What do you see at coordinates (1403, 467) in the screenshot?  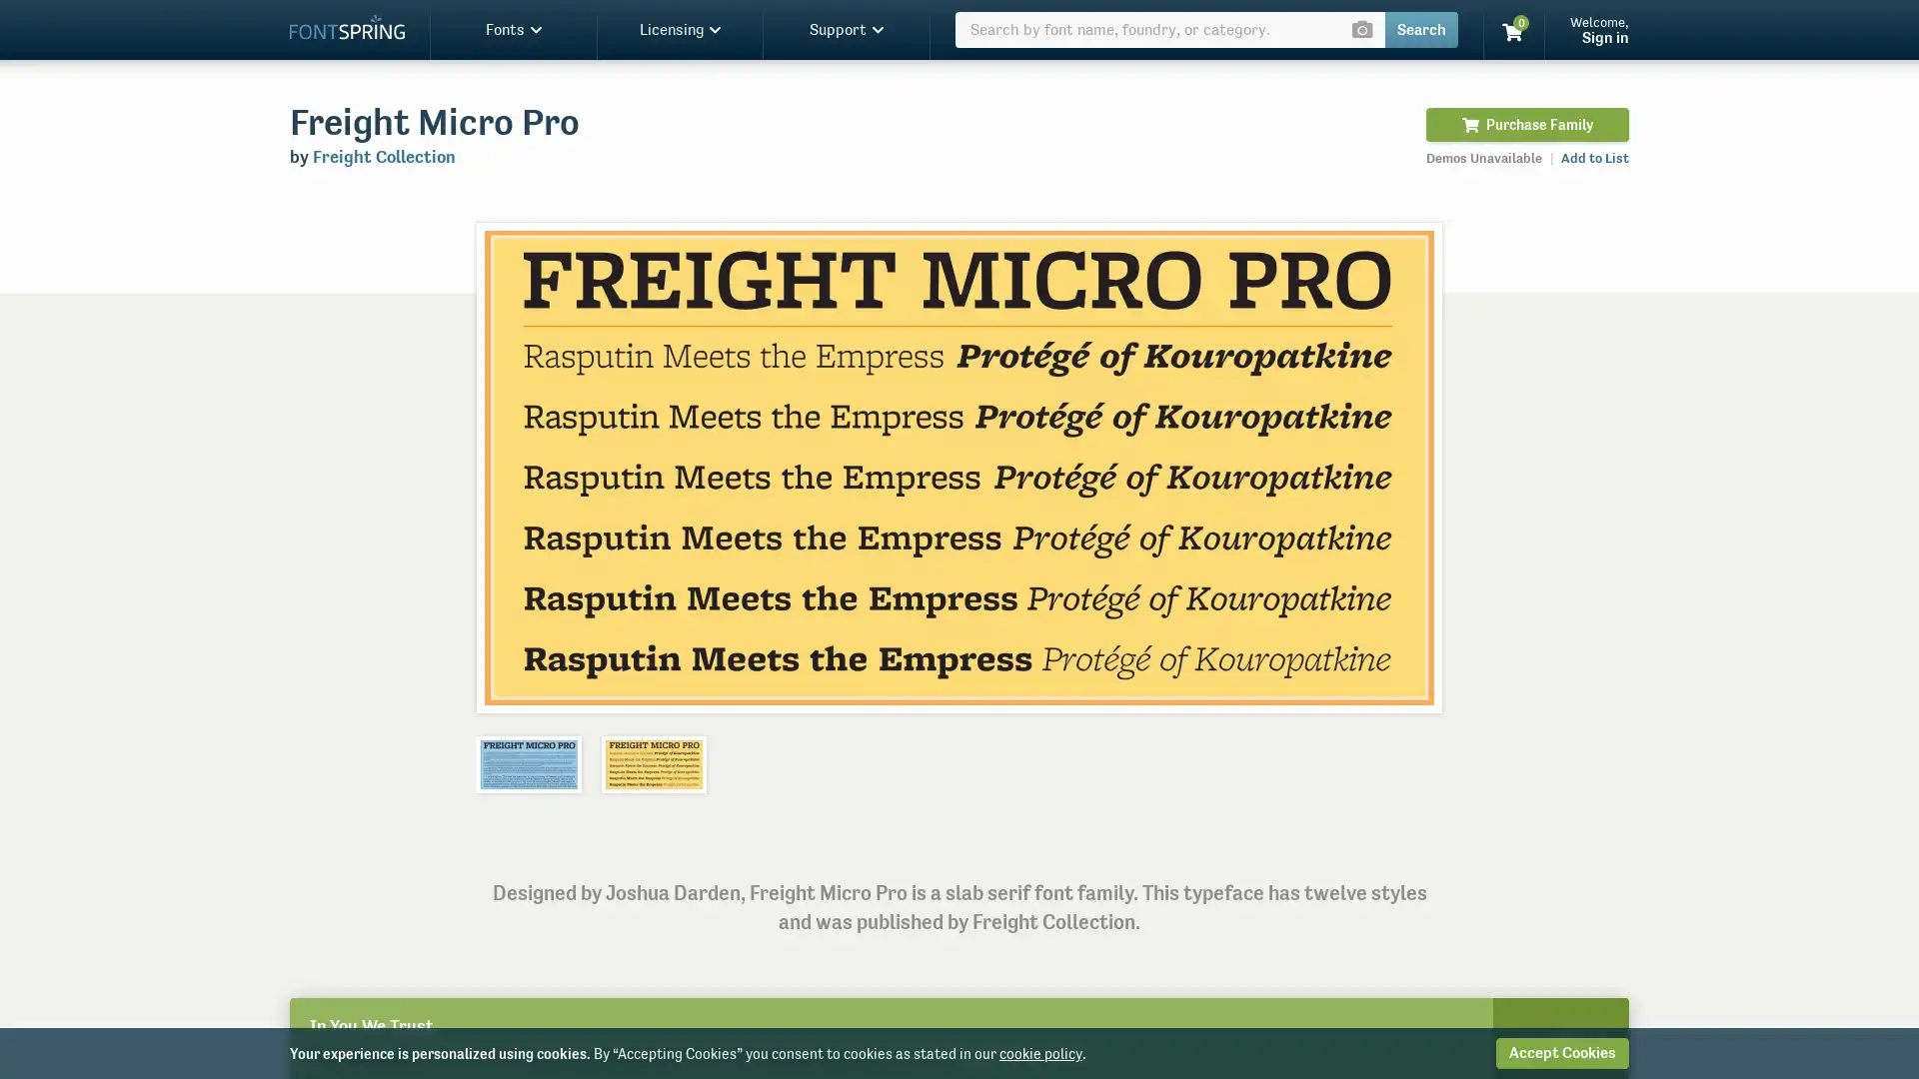 I see `Next slide` at bounding box center [1403, 467].